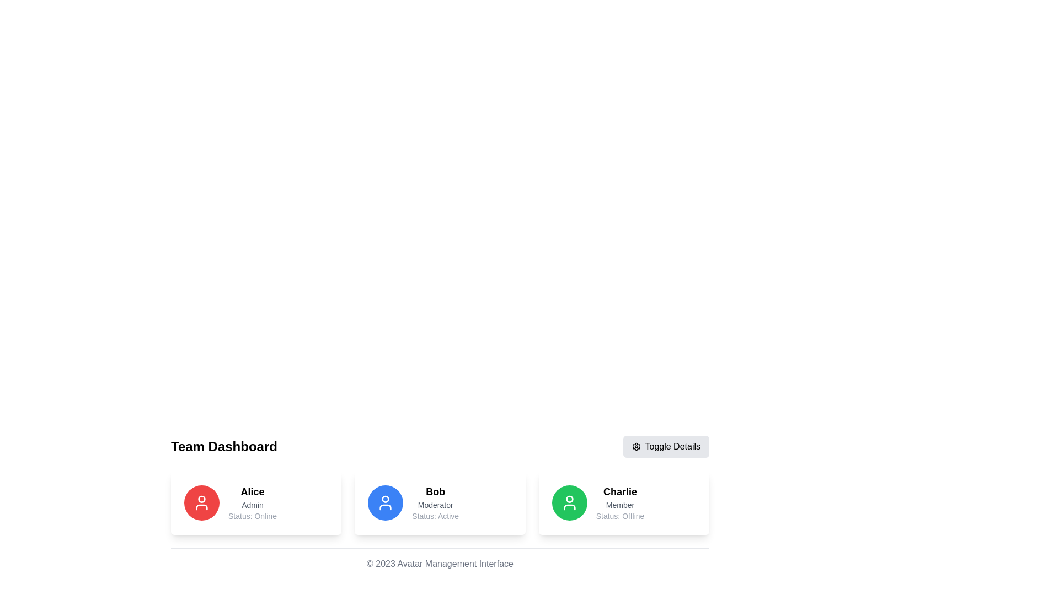 This screenshot has height=595, width=1059. What do you see at coordinates (620, 503) in the screenshot?
I see `text content of the Text Content Block, which provides user information including name, role, and current status, located on the far right of three horizontally aligned cards` at bounding box center [620, 503].